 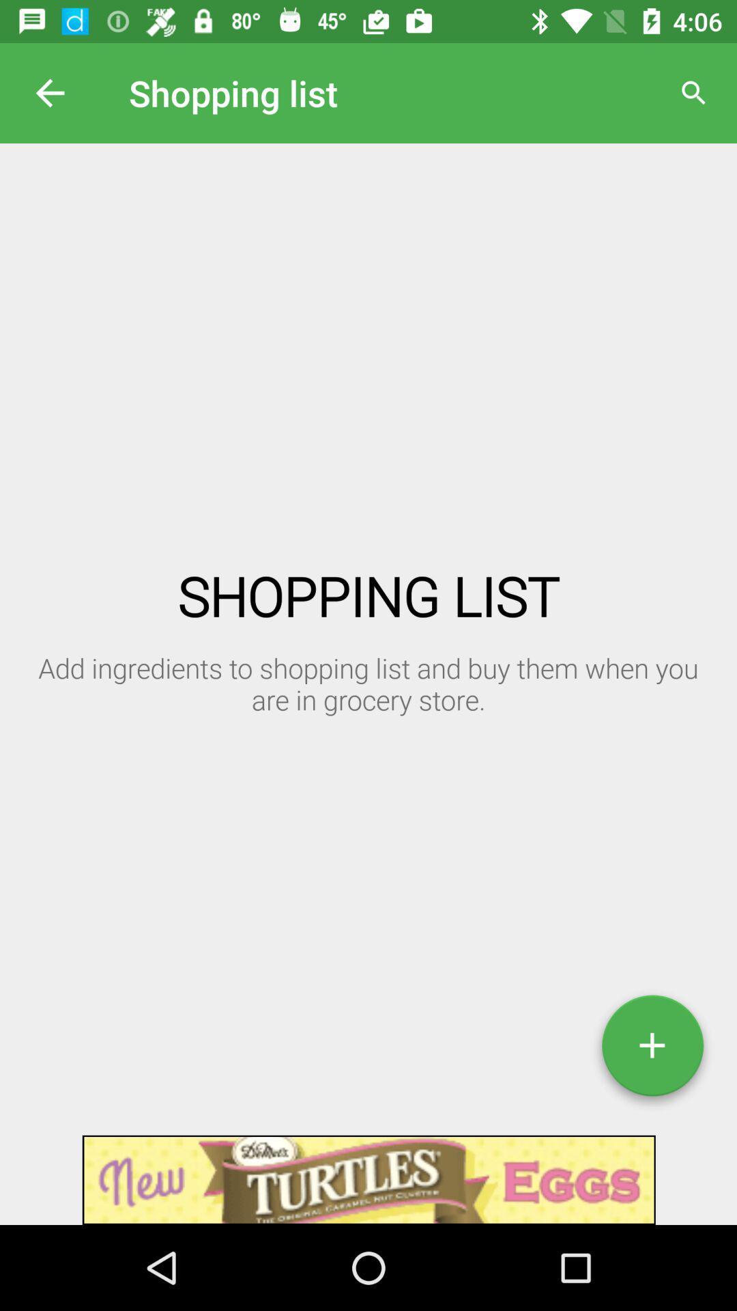 I want to click on the  add ingredients to shopping list and buy them when you are in grocery store, so click(x=189, y=667).